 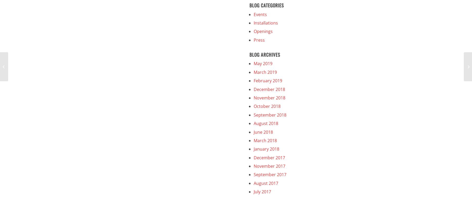 What do you see at coordinates (269, 157) in the screenshot?
I see `'December 2017'` at bounding box center [269, 157].